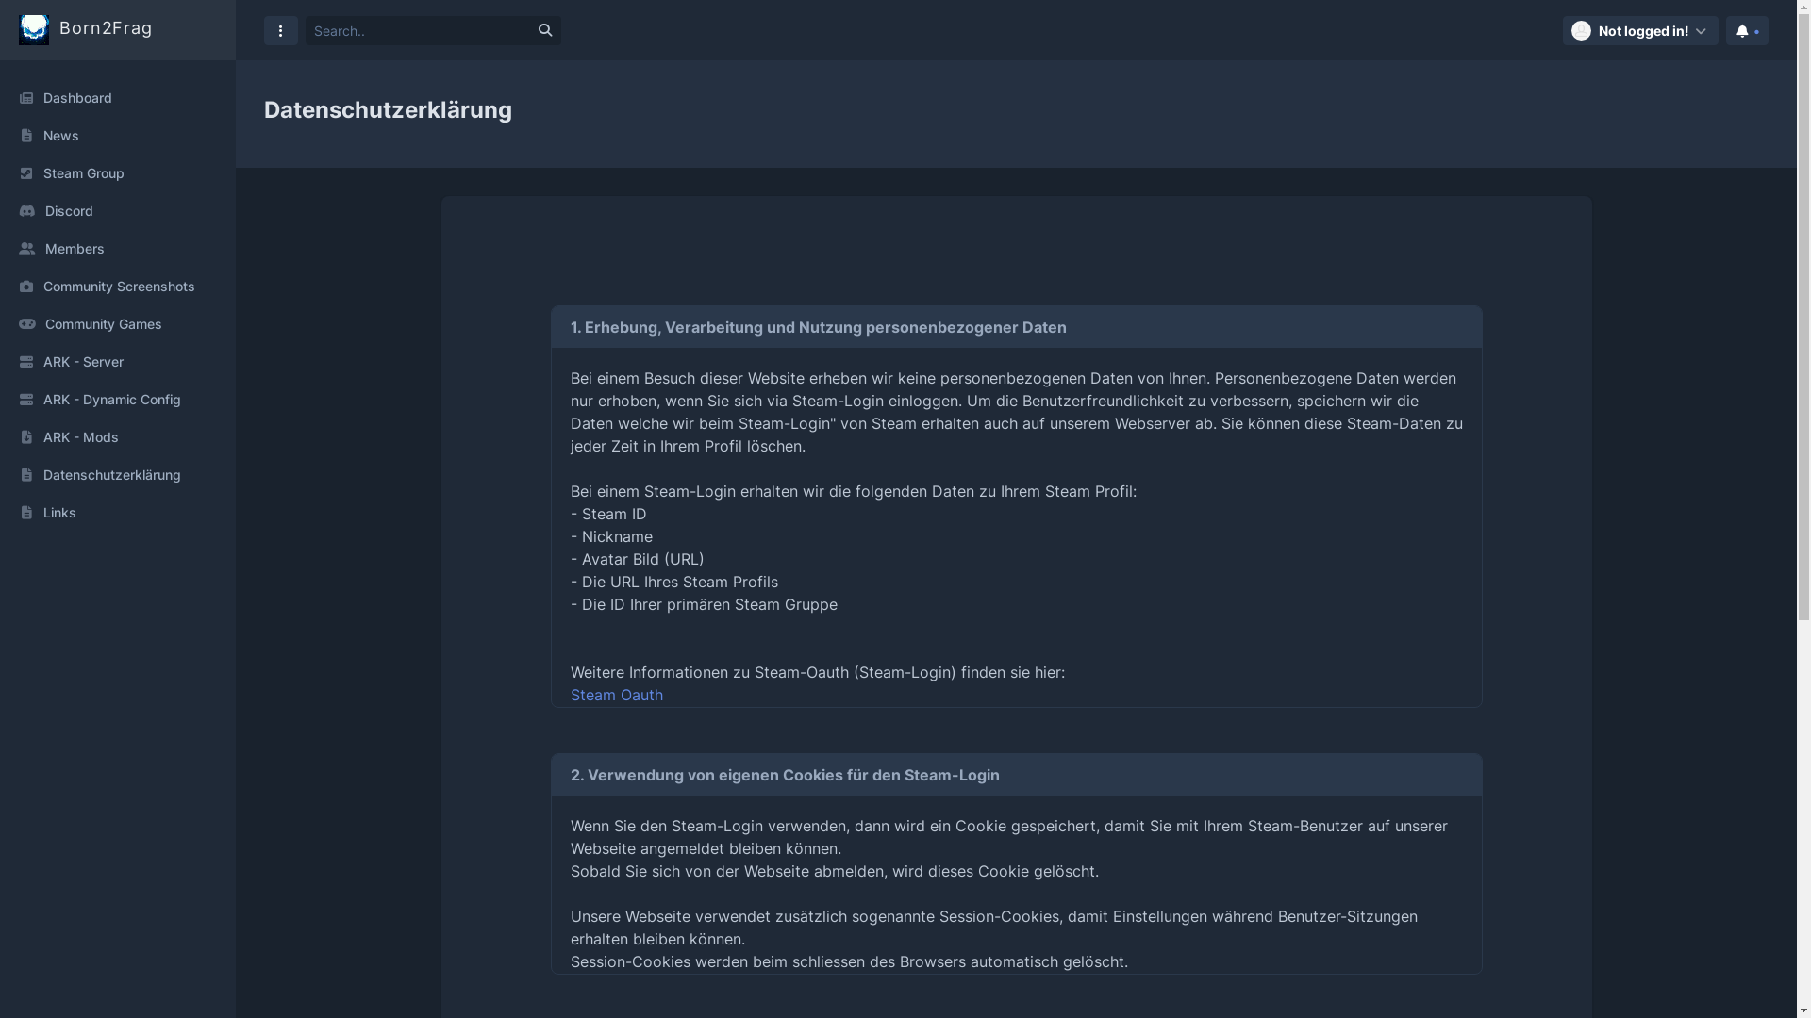 The image size is (1811, 1018). I want to click on 'Steam Oauth', so click(615, 694).